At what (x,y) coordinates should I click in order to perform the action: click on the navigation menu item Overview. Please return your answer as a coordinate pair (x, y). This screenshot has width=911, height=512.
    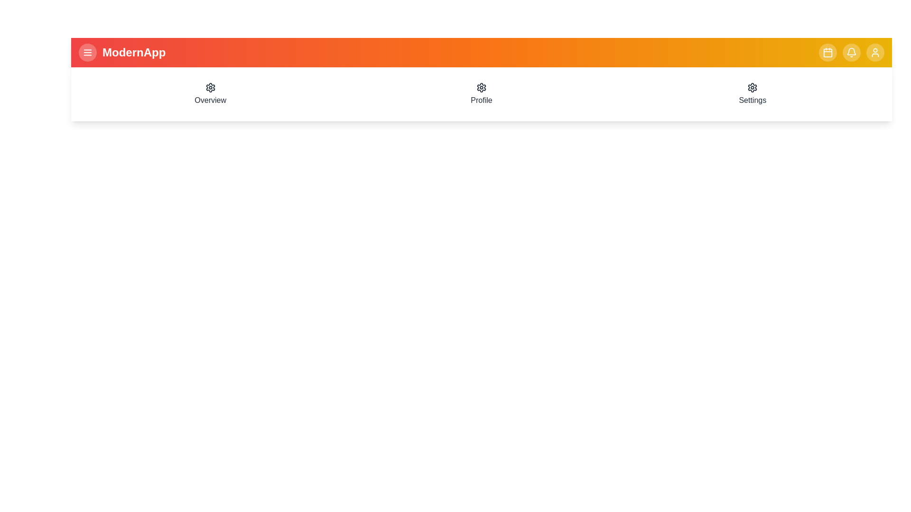
    Looking at the image, I should click on (210, 94).